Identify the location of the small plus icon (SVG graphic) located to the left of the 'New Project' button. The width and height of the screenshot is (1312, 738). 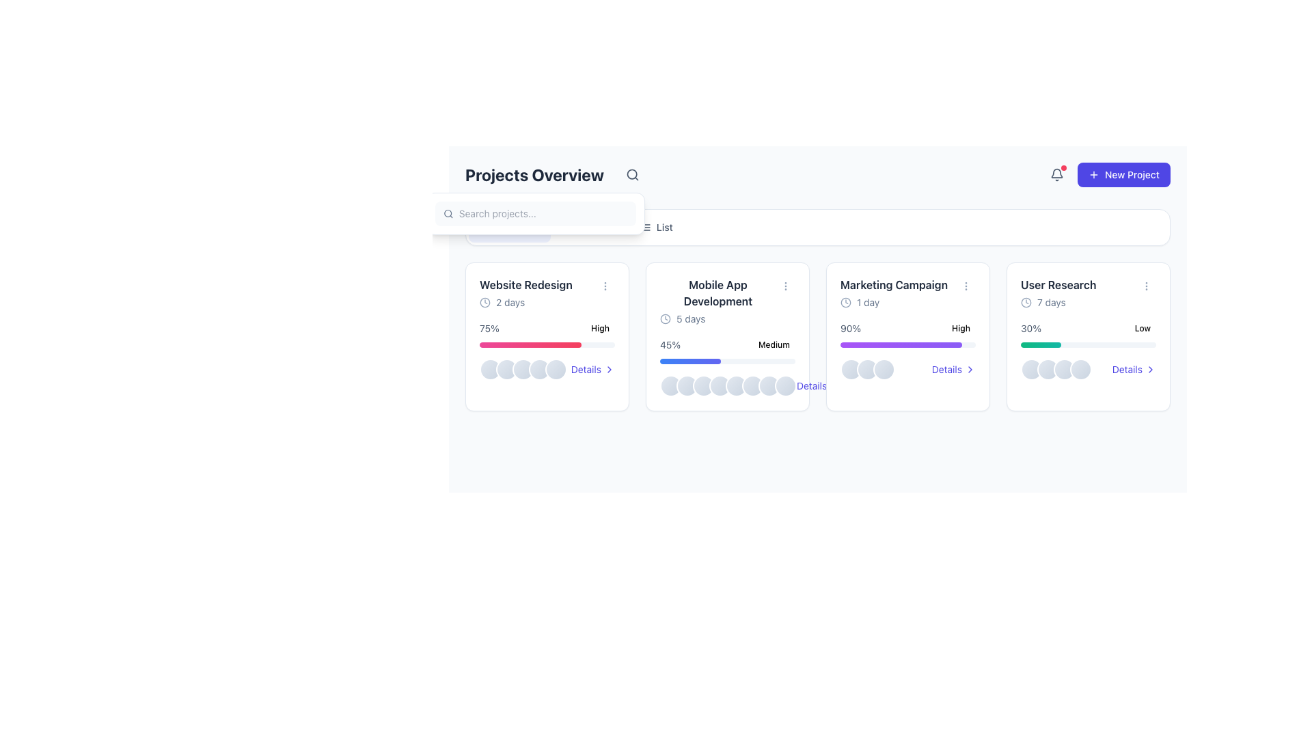
(1093, 174).